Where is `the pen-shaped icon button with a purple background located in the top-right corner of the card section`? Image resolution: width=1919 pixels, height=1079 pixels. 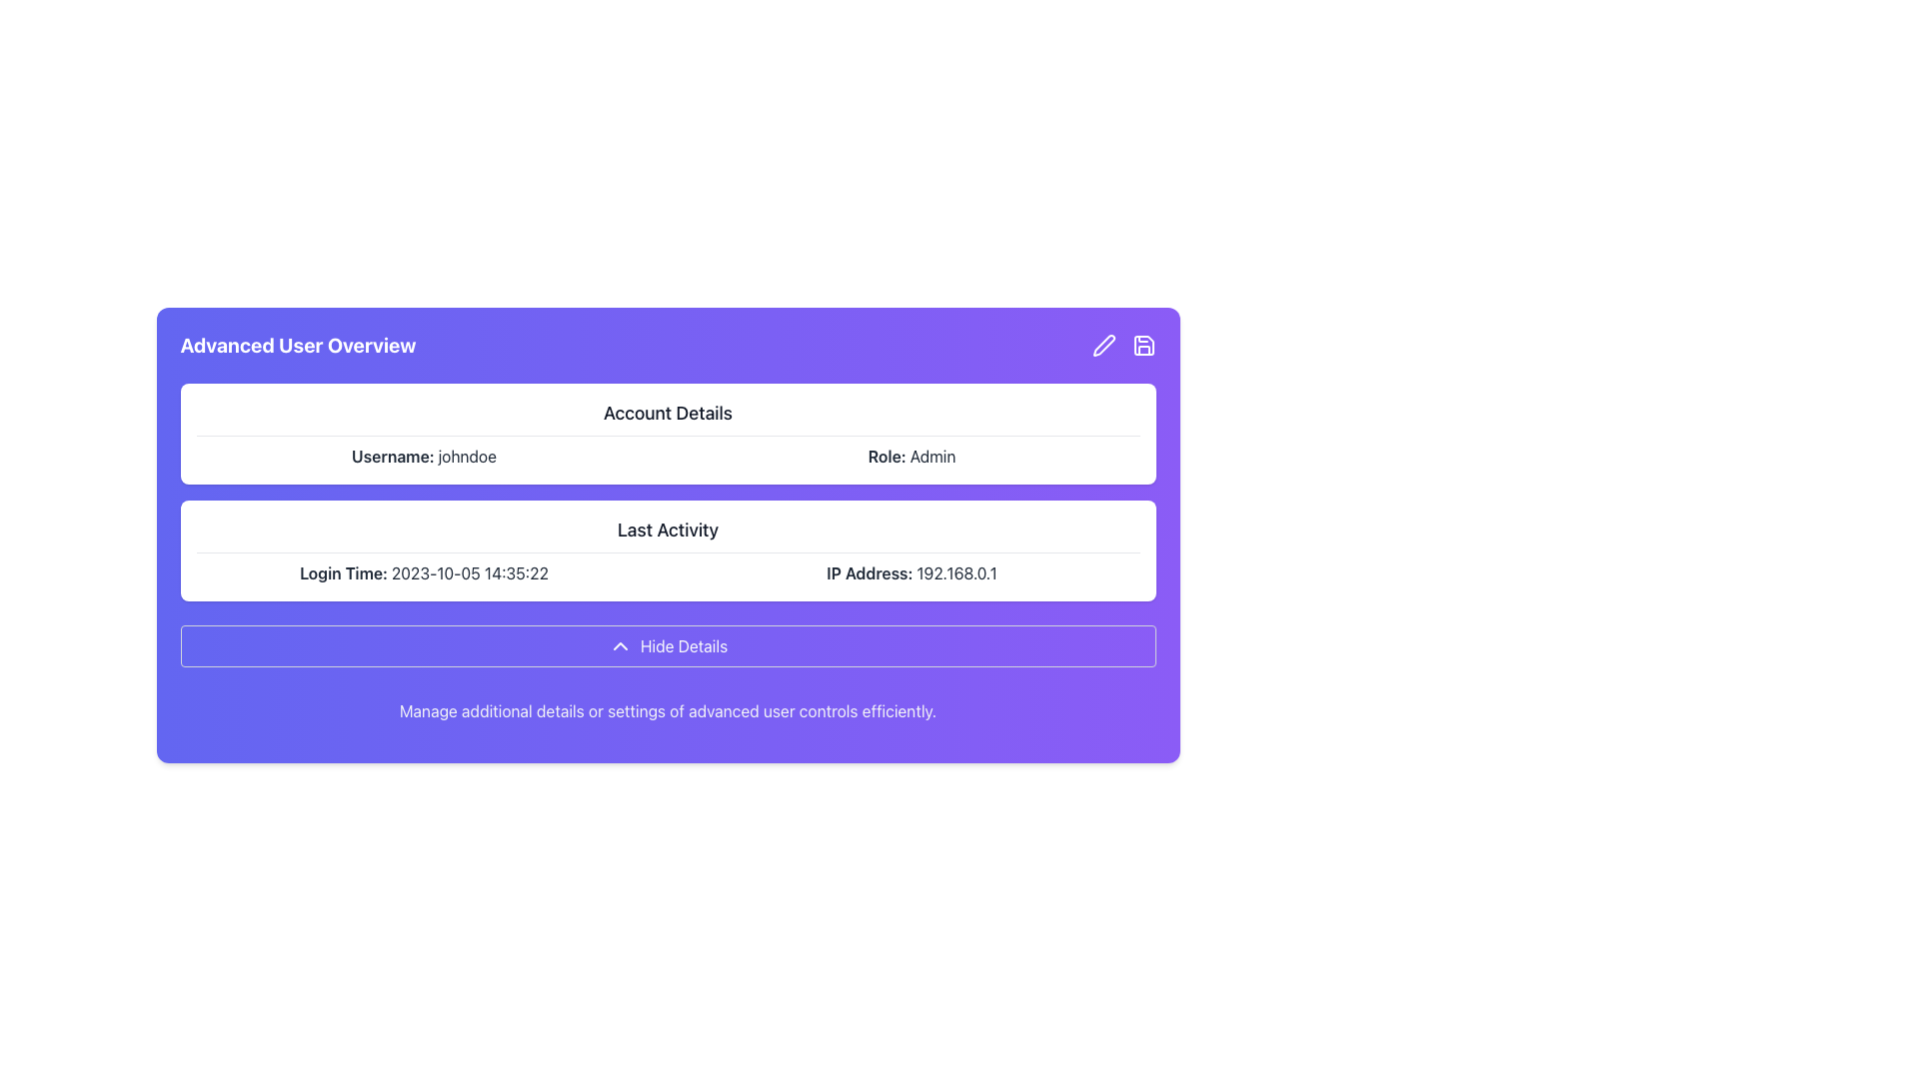
the pen-shaped icon button with a purple background located in the top-right corner of the card section is located at coordinates (1102, 345).